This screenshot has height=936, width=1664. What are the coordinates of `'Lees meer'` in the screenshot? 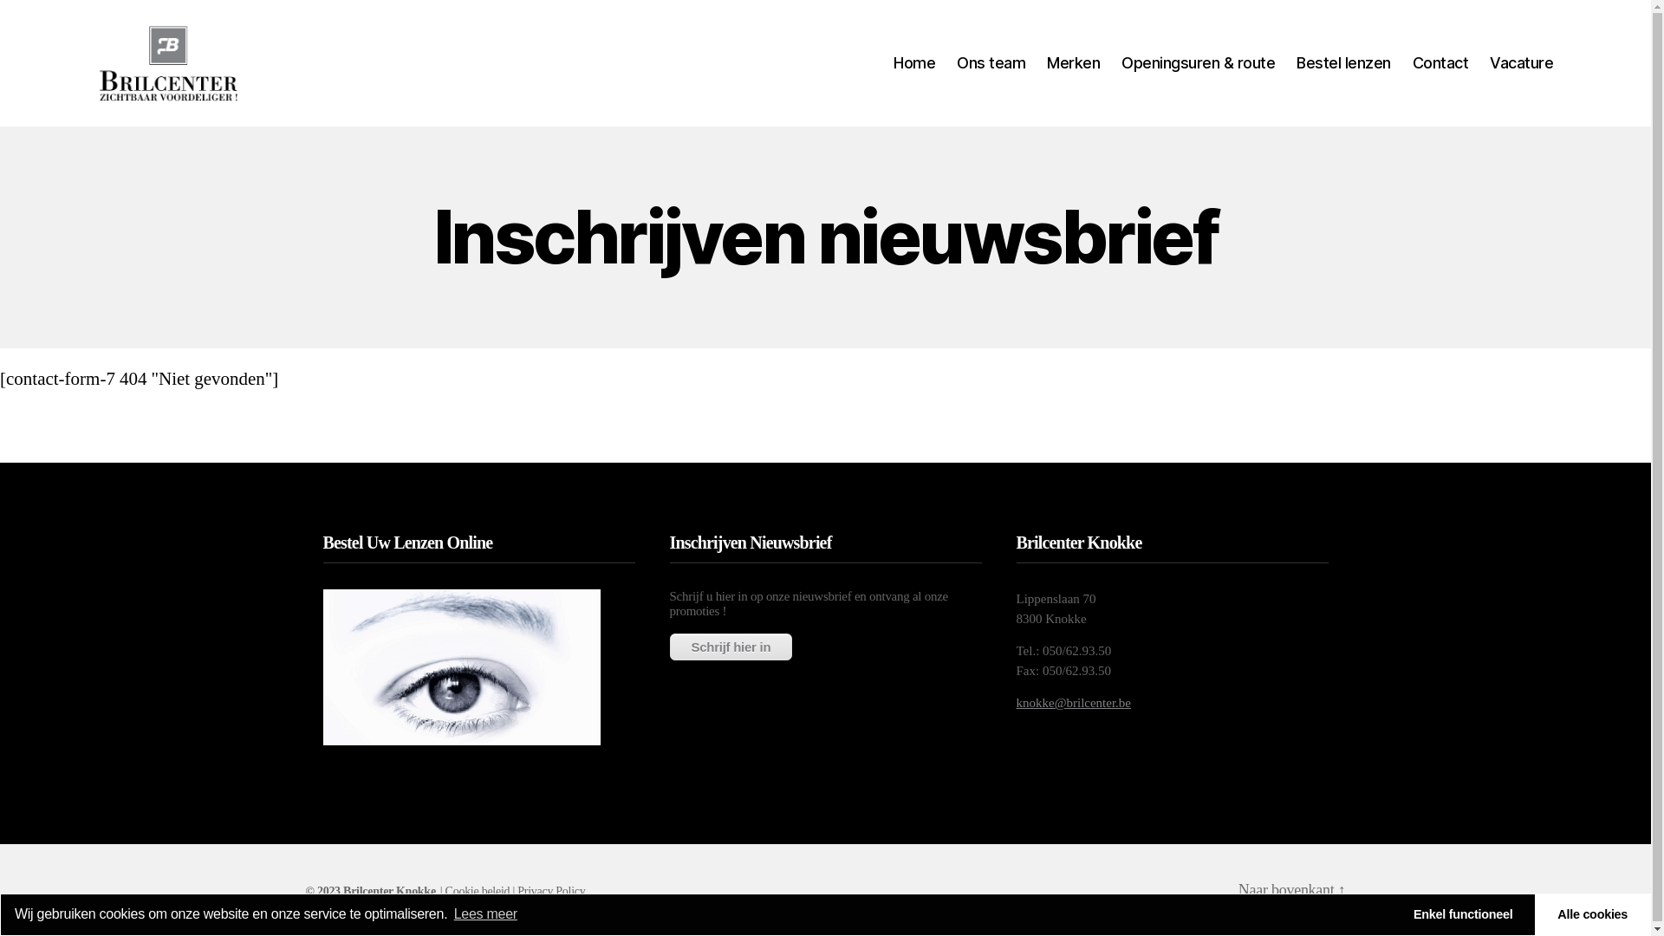 It's located at (483, 913).